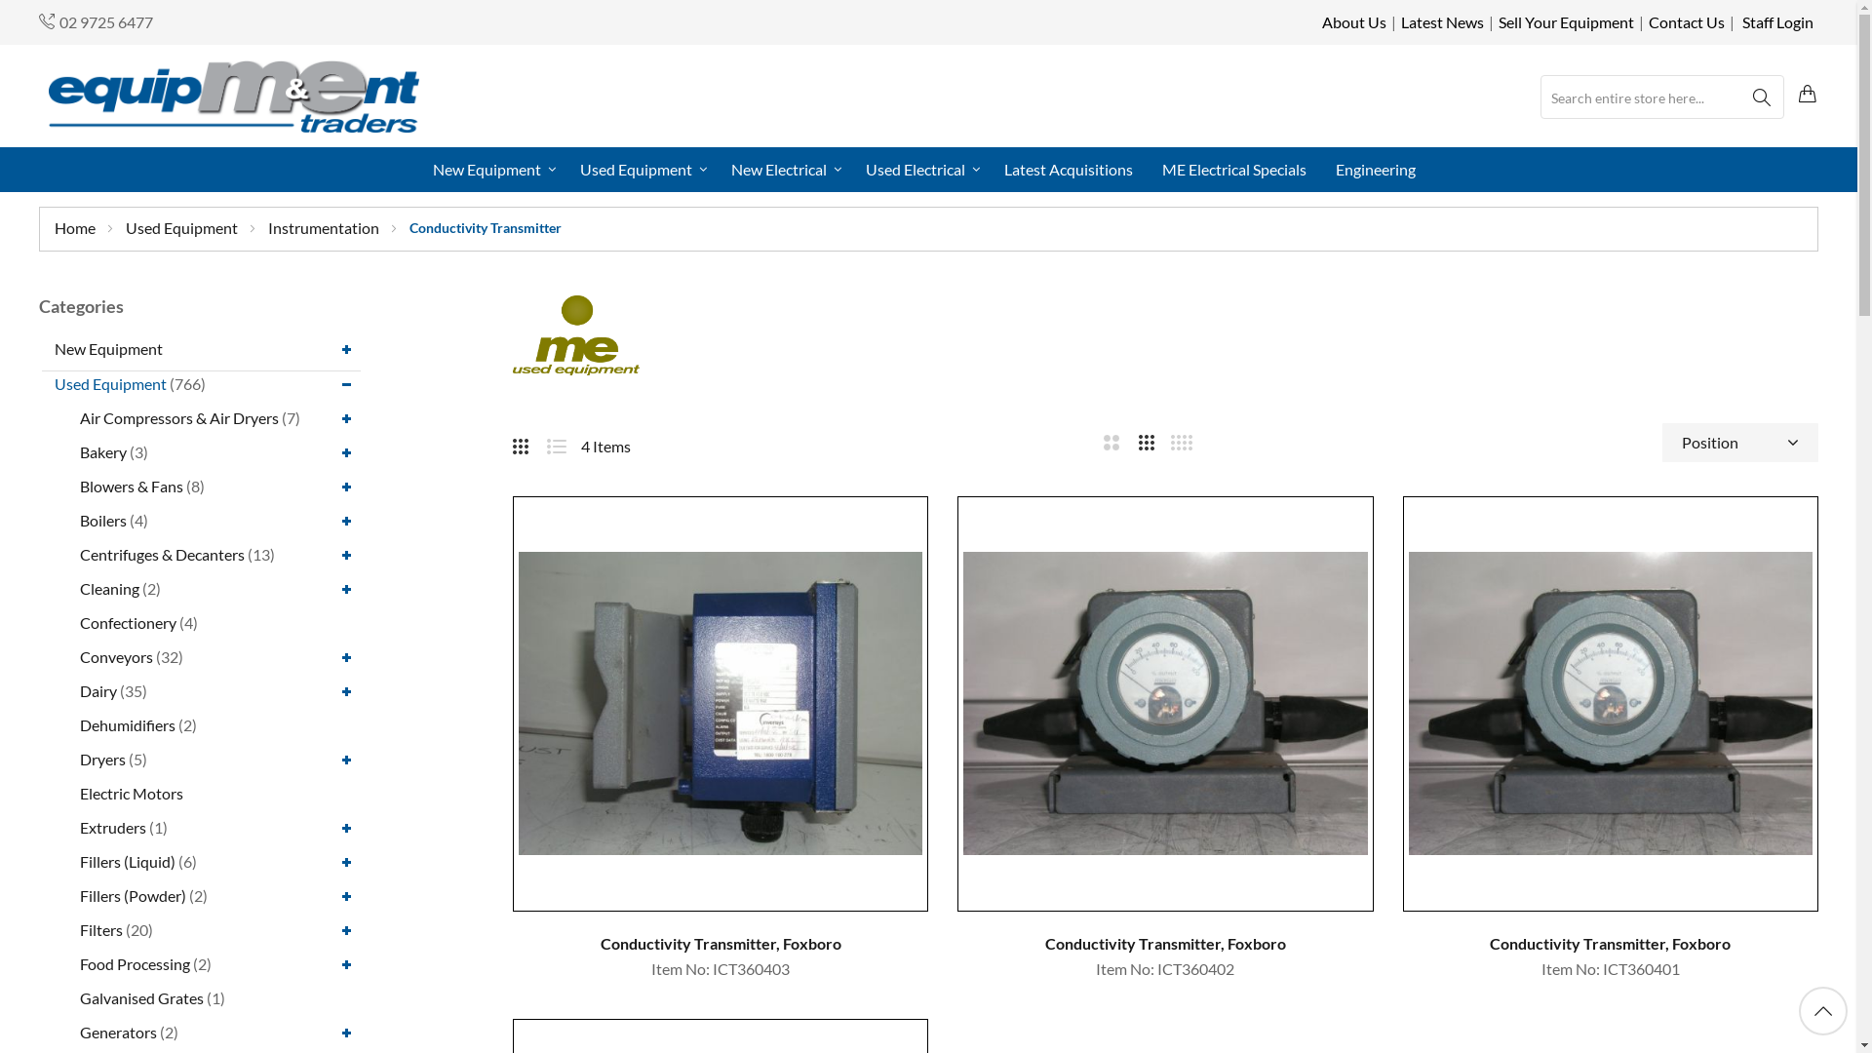 The width and height of the screenshot is (1872, 1053). What do you see at coordinates (1497, 21) in the screenshot?
I see `'Sell Your Equipment'` at bounding box center [1497, 21].